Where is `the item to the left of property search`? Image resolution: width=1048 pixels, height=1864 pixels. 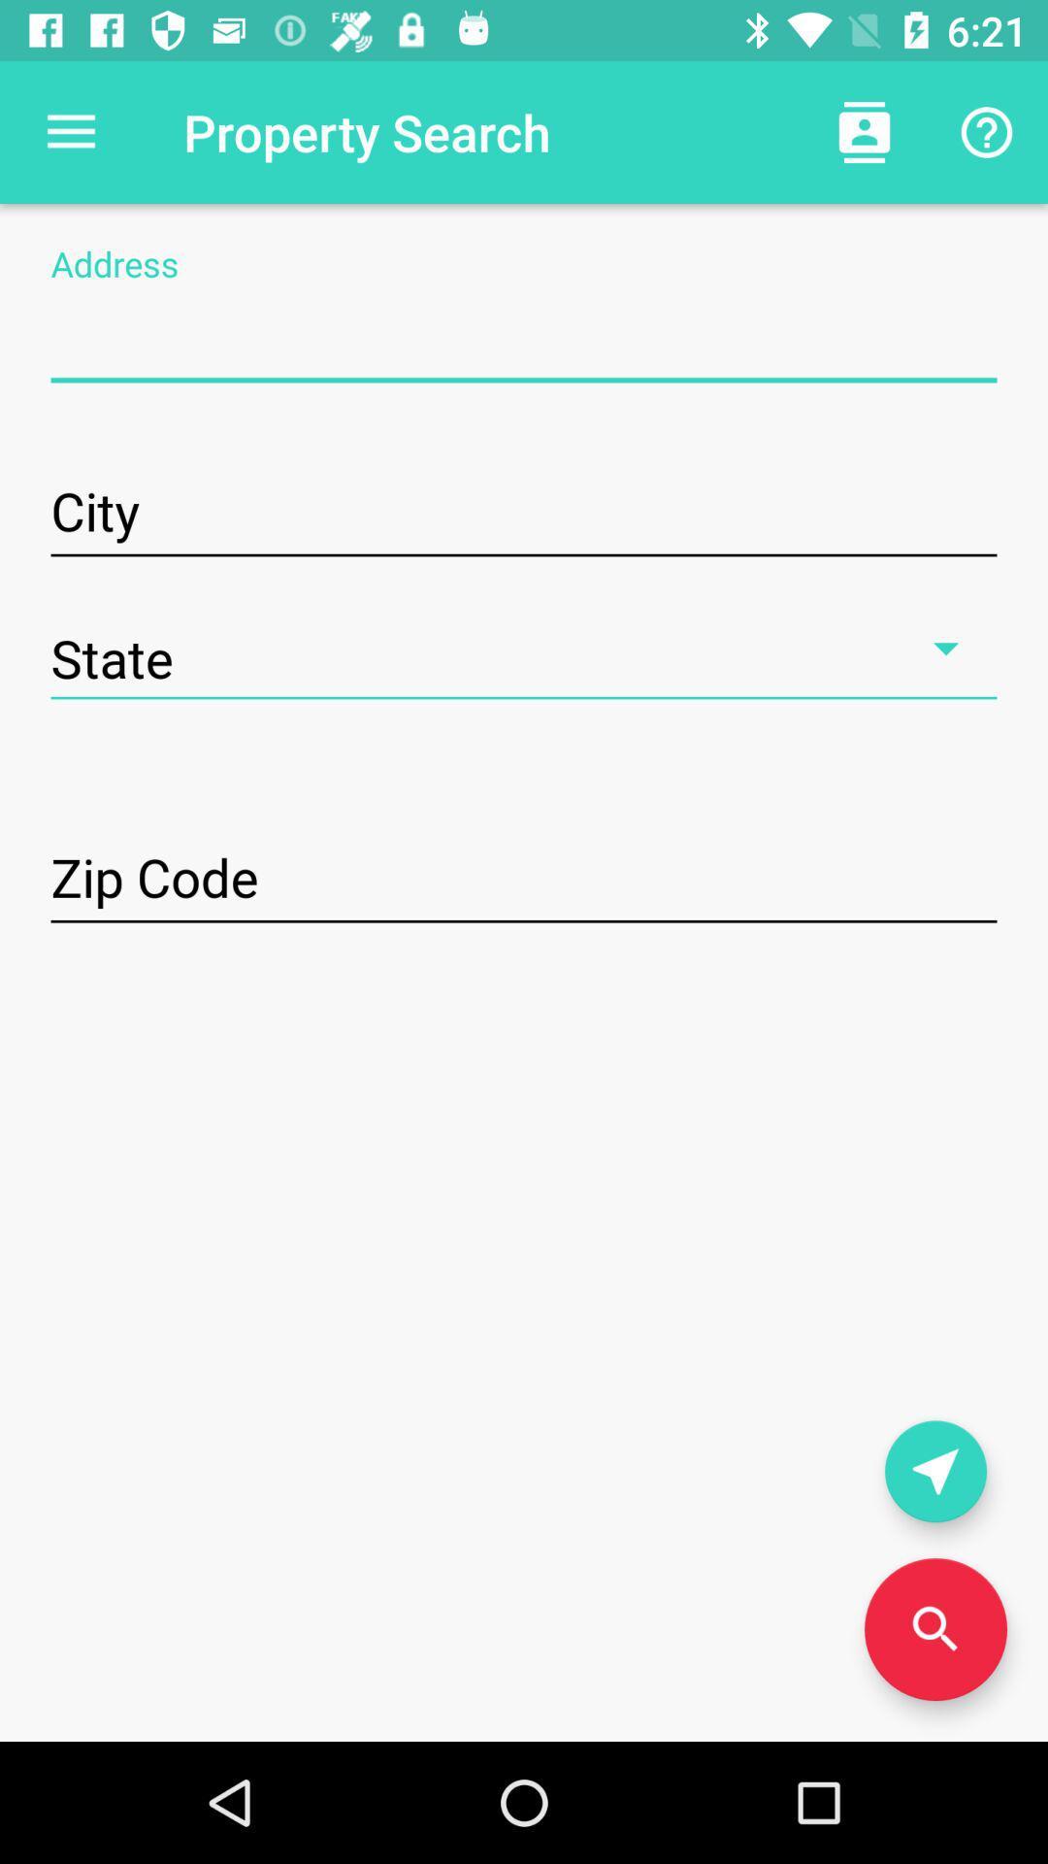
the item to the left of property search is located at coordinates (70, 131).